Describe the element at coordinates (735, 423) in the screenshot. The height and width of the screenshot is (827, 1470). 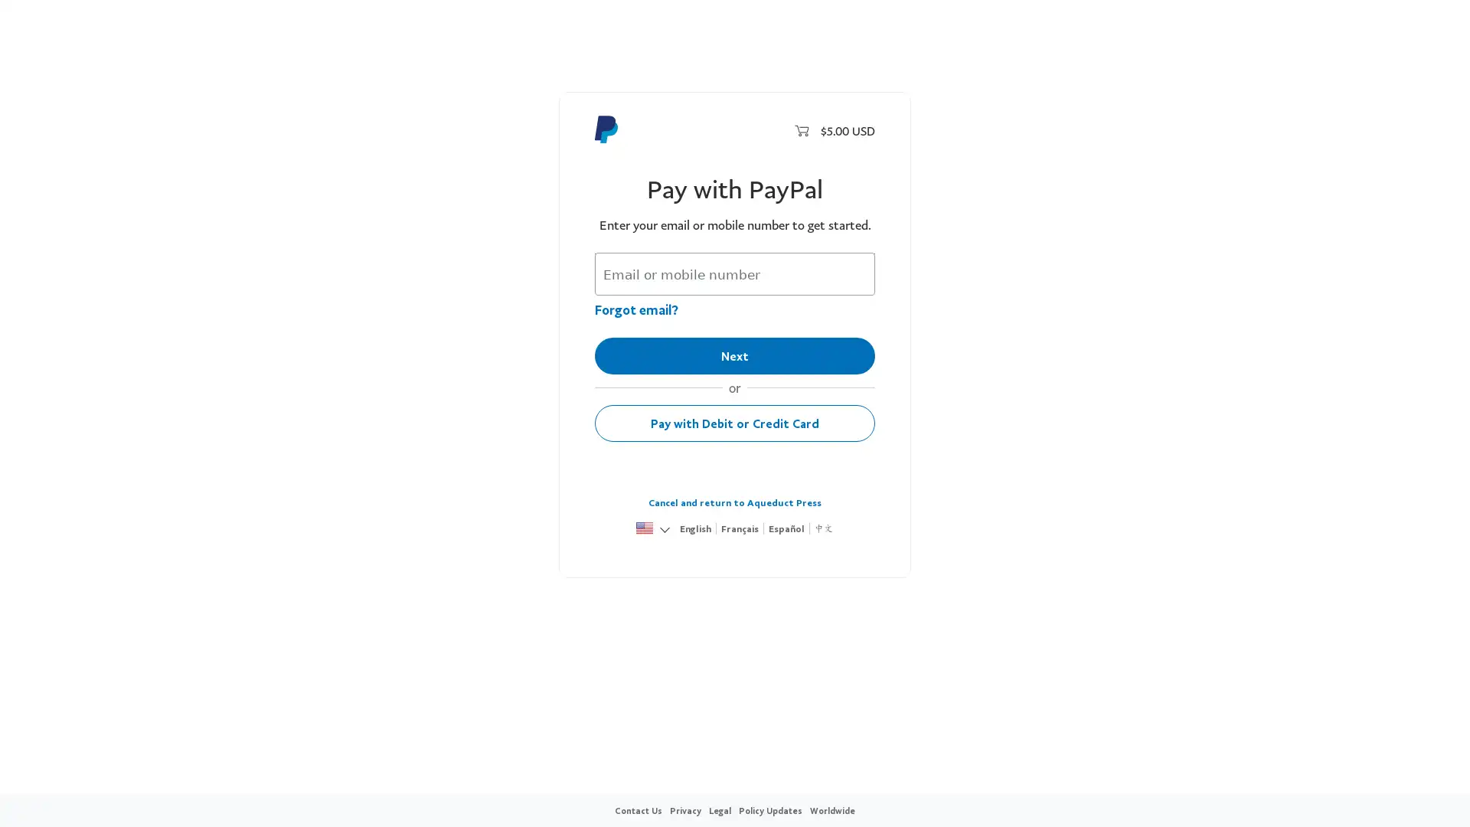
I see `Pay with Debit or Credit Card` at that location.